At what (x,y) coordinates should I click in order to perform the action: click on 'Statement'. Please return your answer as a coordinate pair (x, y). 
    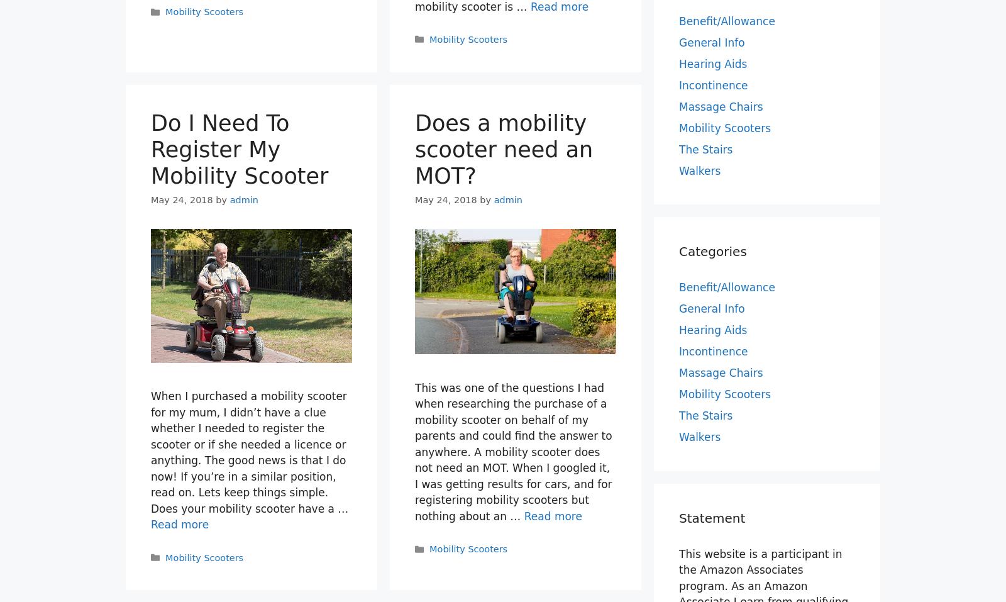
    Looking at the image, I should click on (679, 517).